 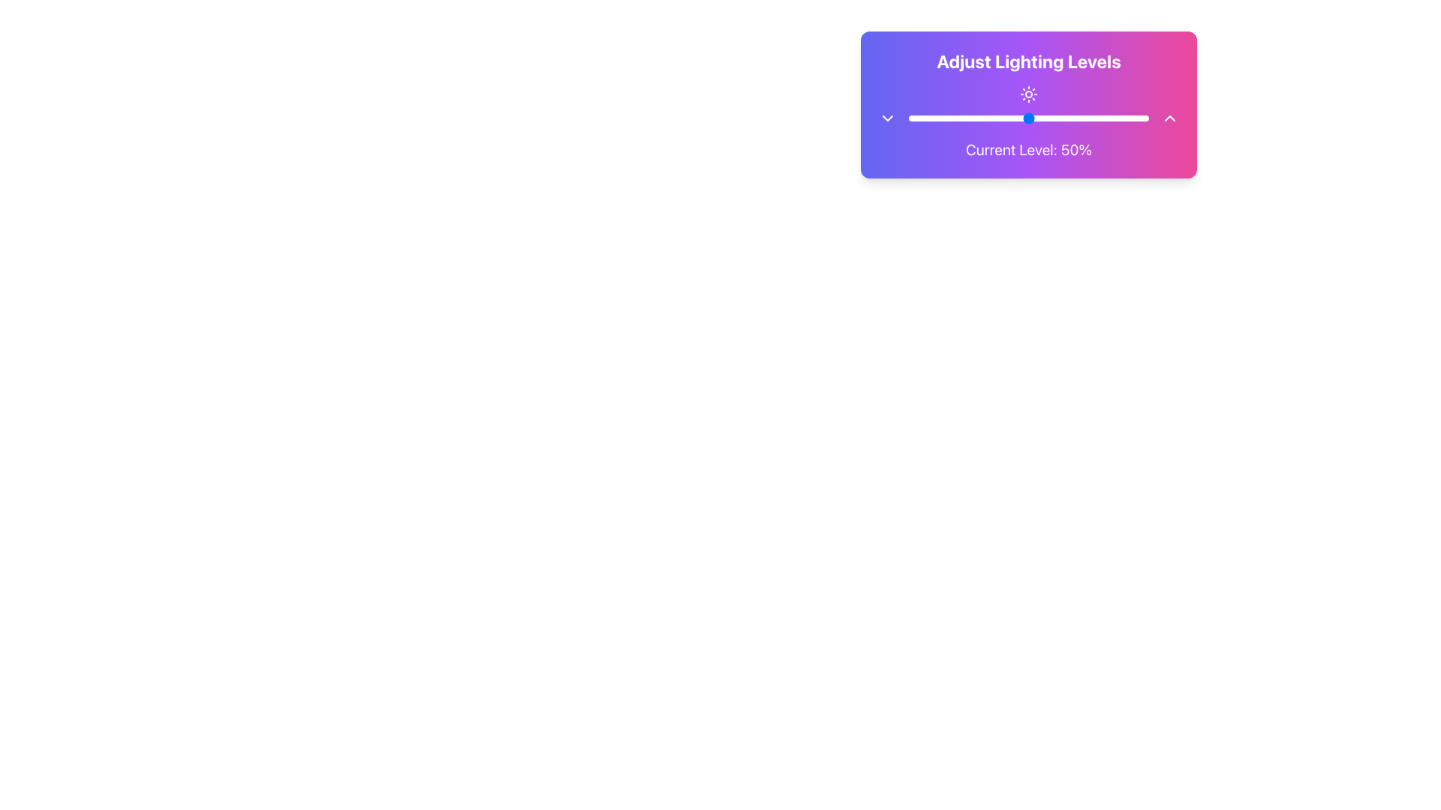 I want to click on the lighting level, so click(x=1016, y=118).